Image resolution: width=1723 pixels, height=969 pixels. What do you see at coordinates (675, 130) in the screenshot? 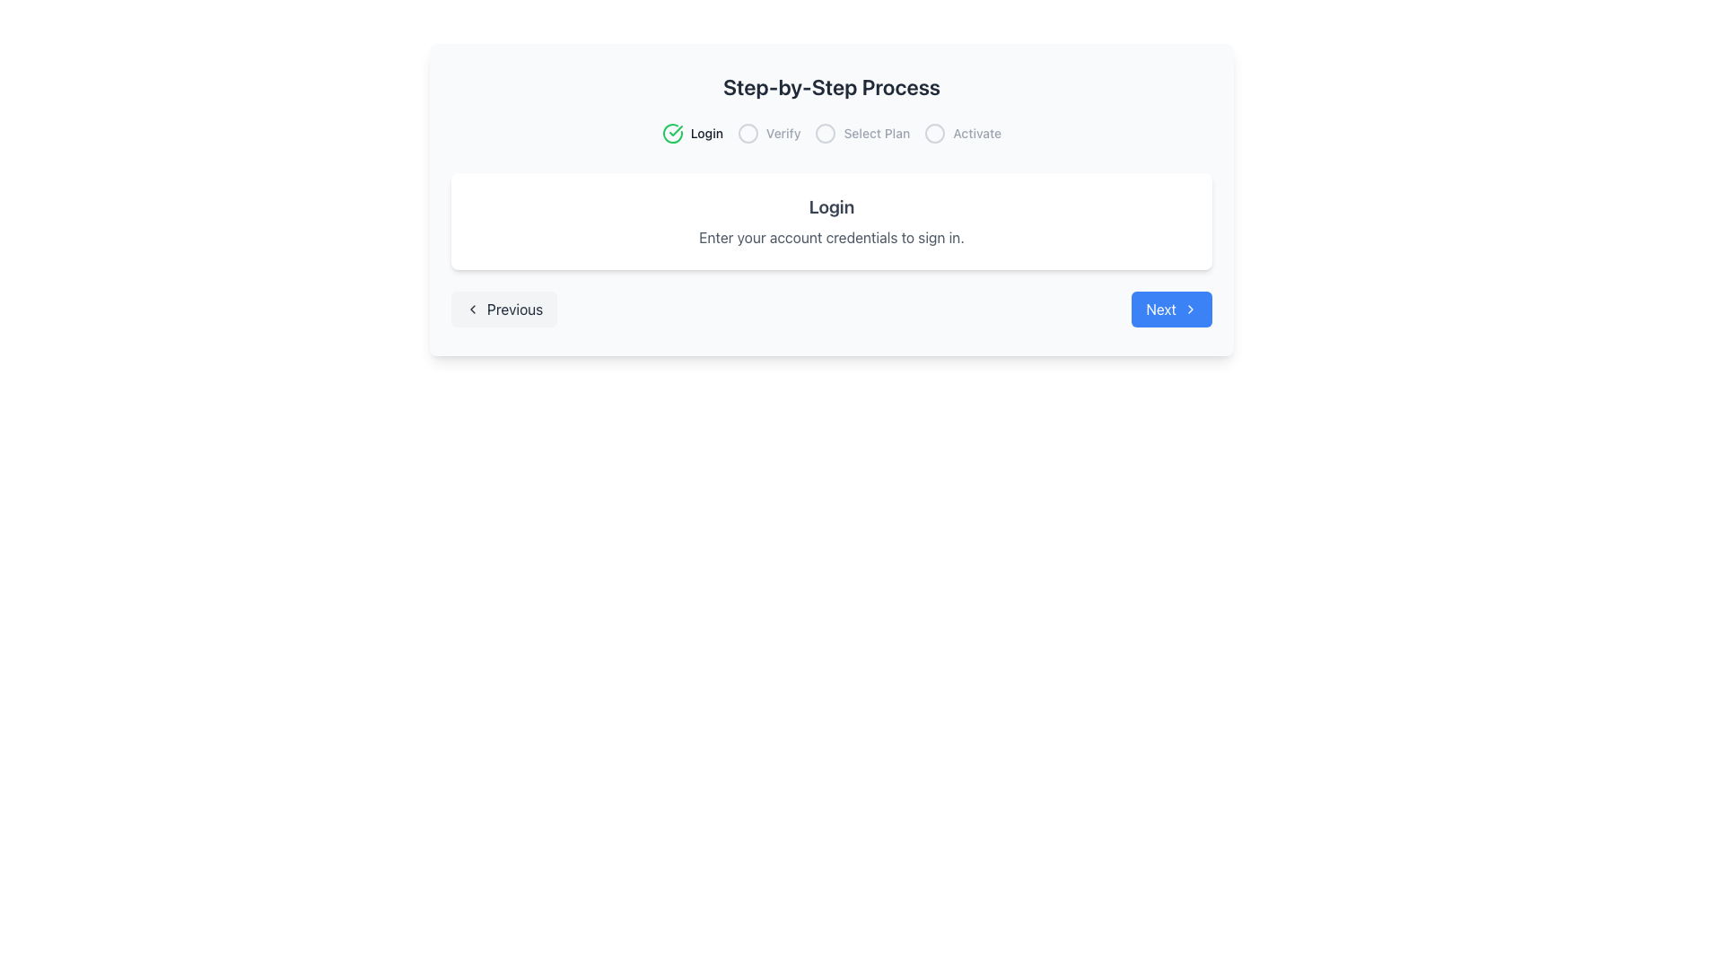
I see `the confirmation vector graphic element within the SVG component that indicates successful completion of the 'Login' step, located next to the 'Login' text` at bounding box center [675, 130].